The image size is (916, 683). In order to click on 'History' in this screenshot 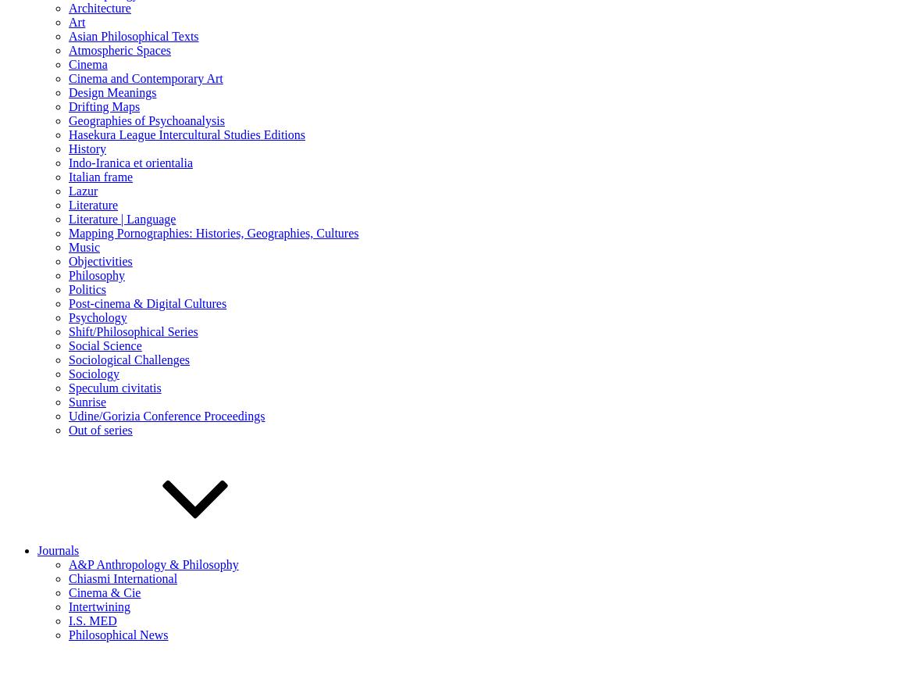, I will do `click(68, 147)`.